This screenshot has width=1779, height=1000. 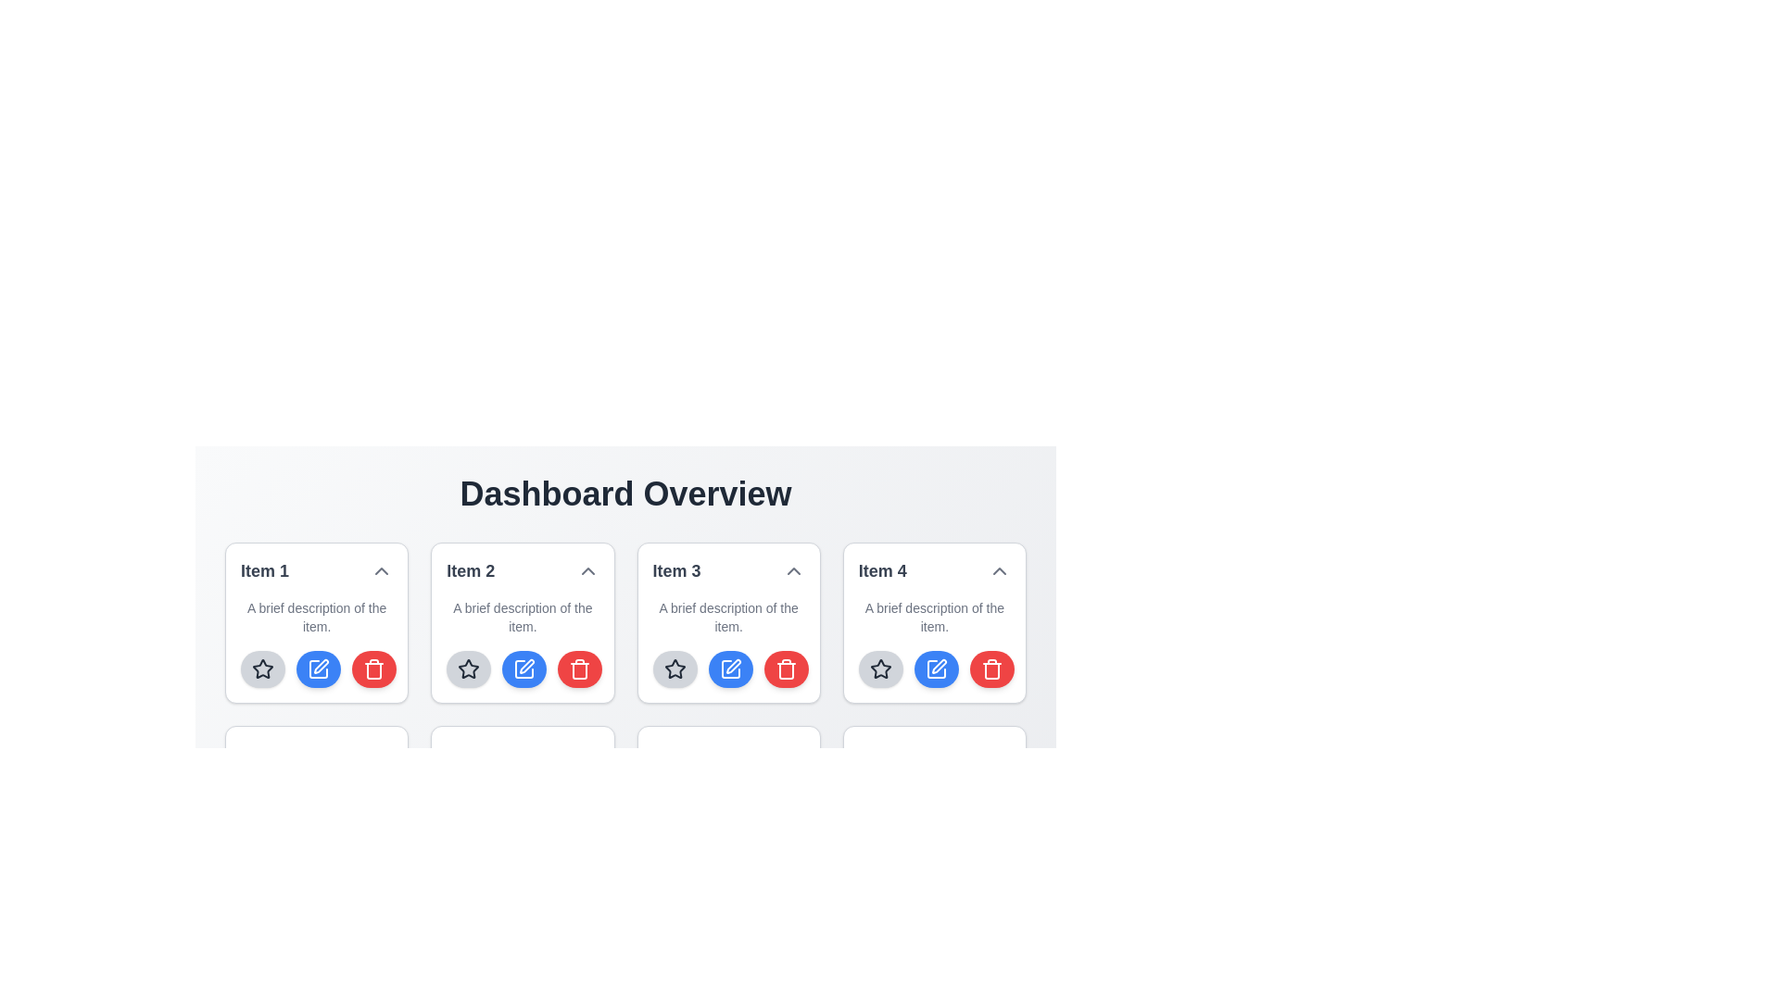 What do you see at coordinates (317, 618) in the screenshot?
I see `text content of the static label positioned within the white, rounded rectangular box titled 'Item 1', located directly below the title and above interactive buttons` at bounding box center [317, 618].